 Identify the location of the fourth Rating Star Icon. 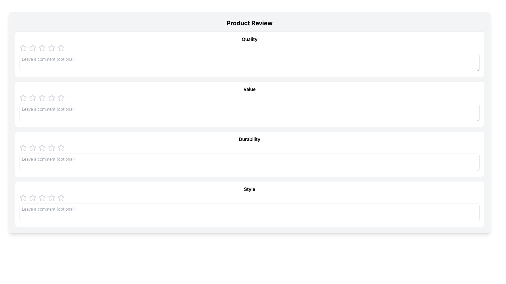
(42, 98).